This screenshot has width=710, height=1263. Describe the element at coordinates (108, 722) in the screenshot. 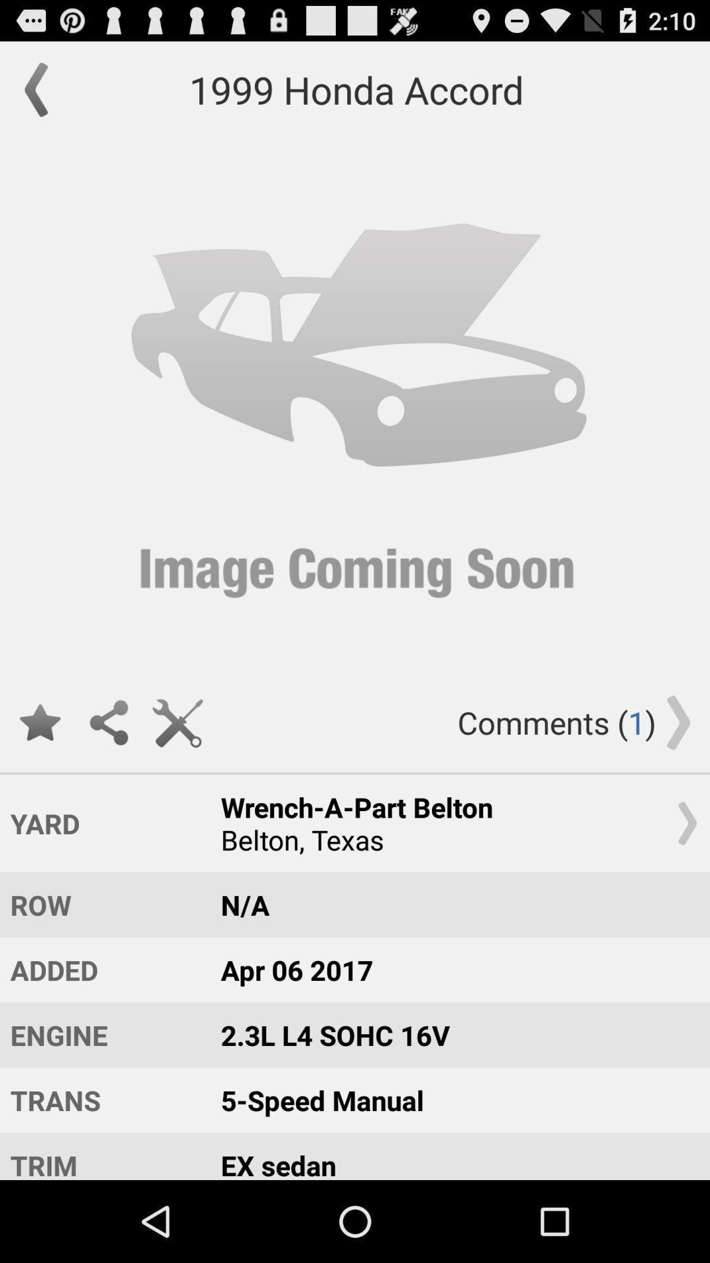

I see `share article` at that location.